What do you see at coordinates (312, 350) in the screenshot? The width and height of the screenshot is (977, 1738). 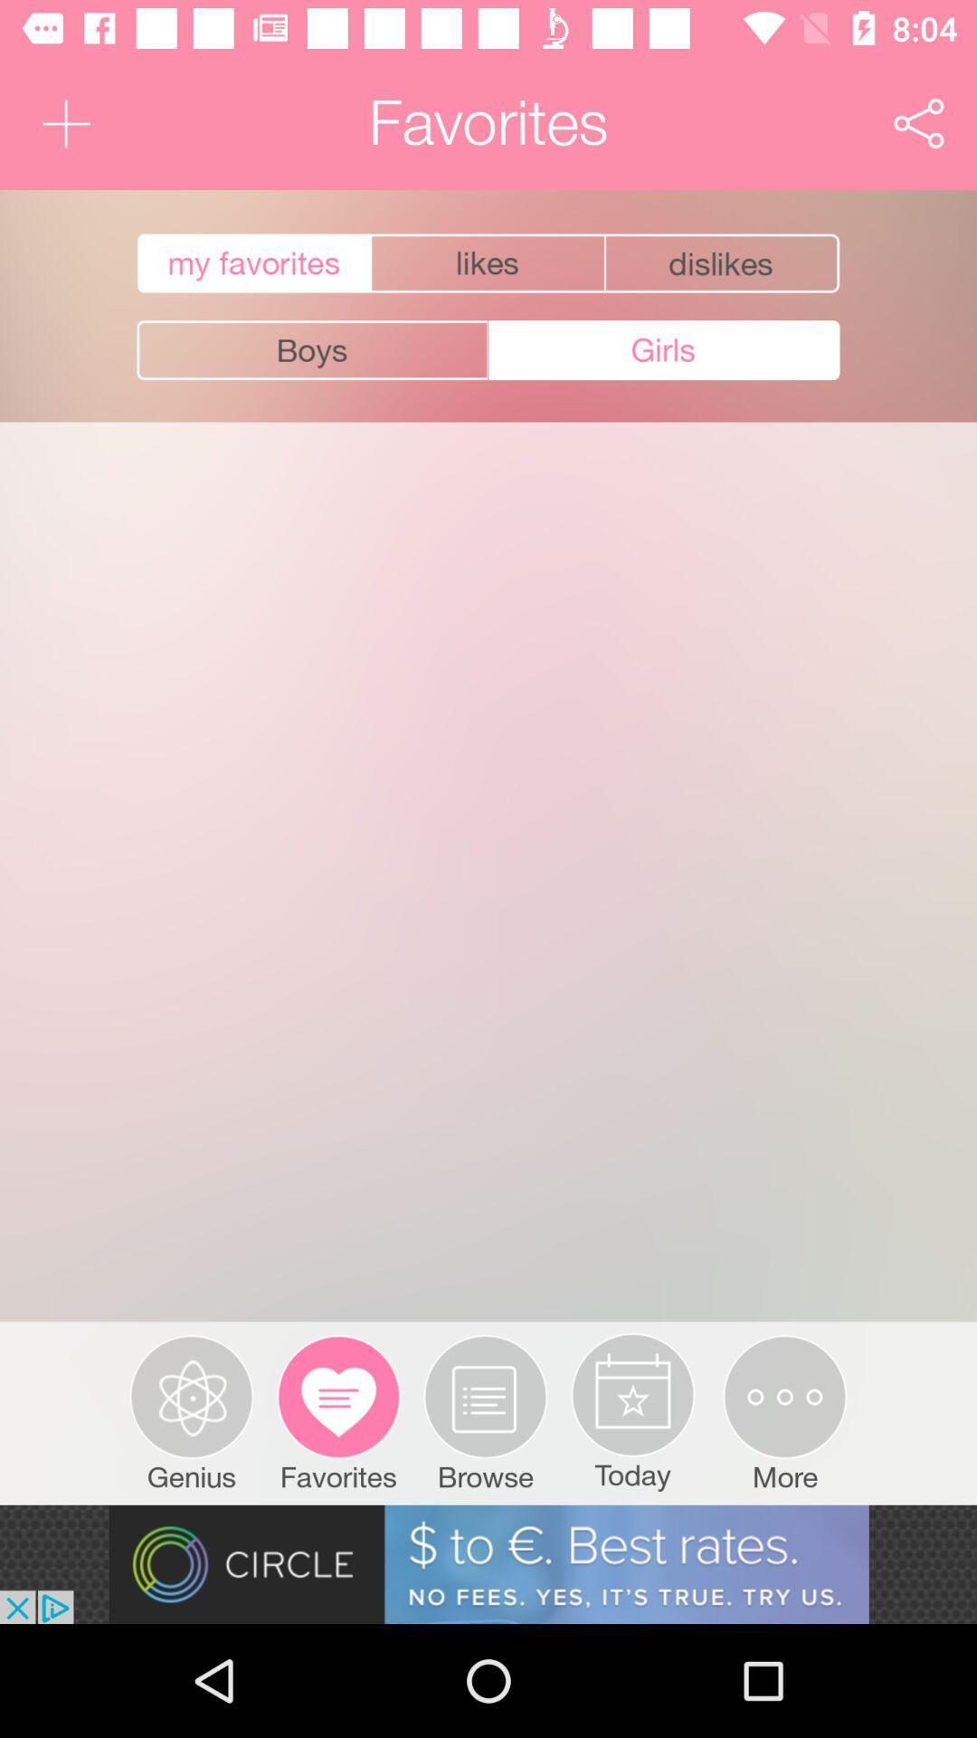 I see `the box that reads the text boys shown left to girls` at bounding box center [312, 350].